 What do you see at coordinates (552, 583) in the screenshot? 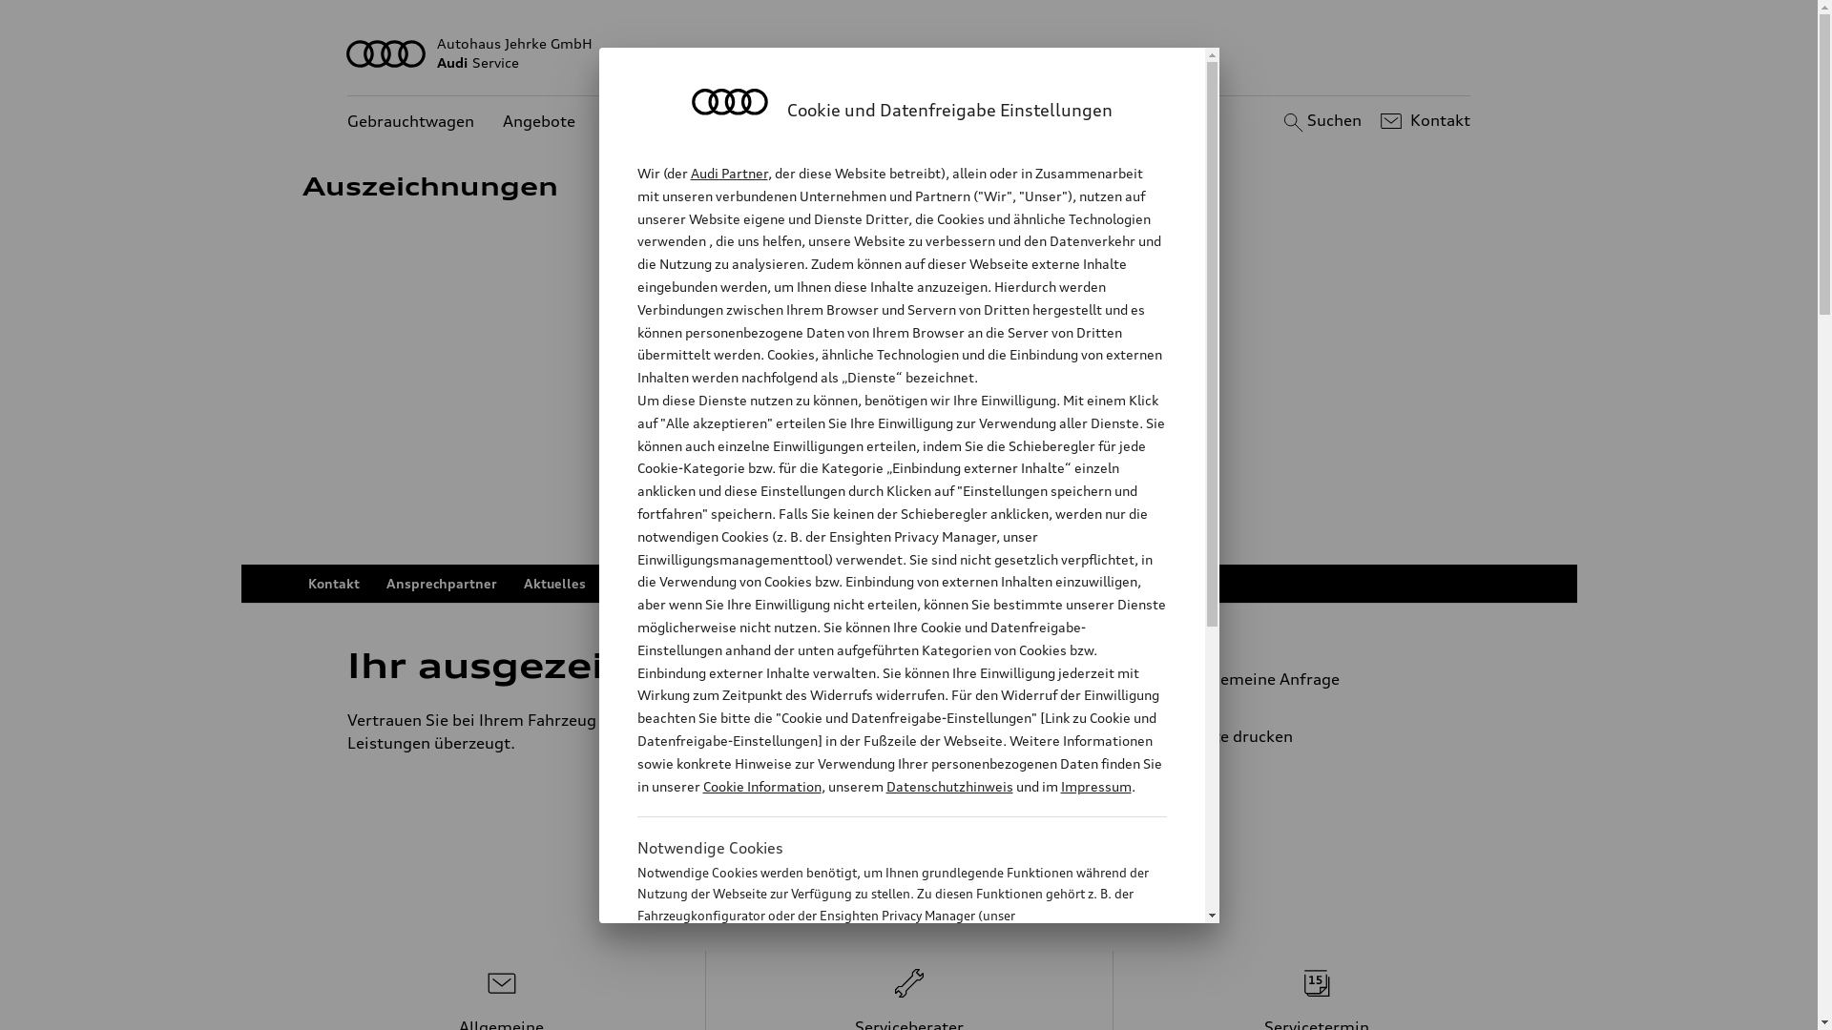
I see `'Aktuelles'` at bounding box center [552, 583].